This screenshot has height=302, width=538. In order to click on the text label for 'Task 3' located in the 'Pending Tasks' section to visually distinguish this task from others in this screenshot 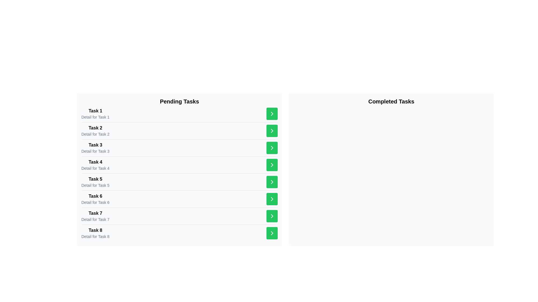, I will do `click(95, 145)`.